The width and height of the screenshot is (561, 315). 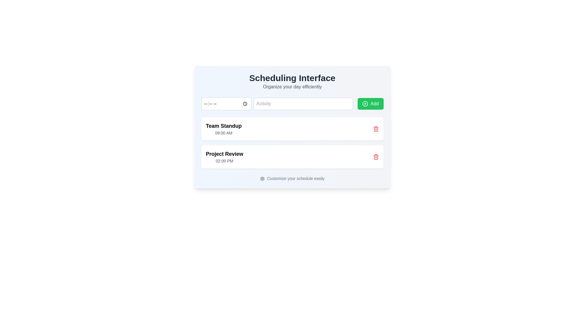 I want to click on the 'Team Standup' text label, which is the title of the first entry in the list of scheduled events, to possibly reveal additional information, so click(x=223, y=126).